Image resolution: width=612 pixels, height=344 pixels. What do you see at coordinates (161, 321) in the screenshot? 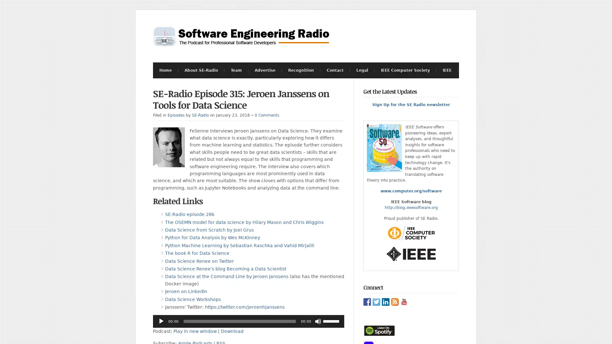
I see `Play` at bounding box center [161, 321].